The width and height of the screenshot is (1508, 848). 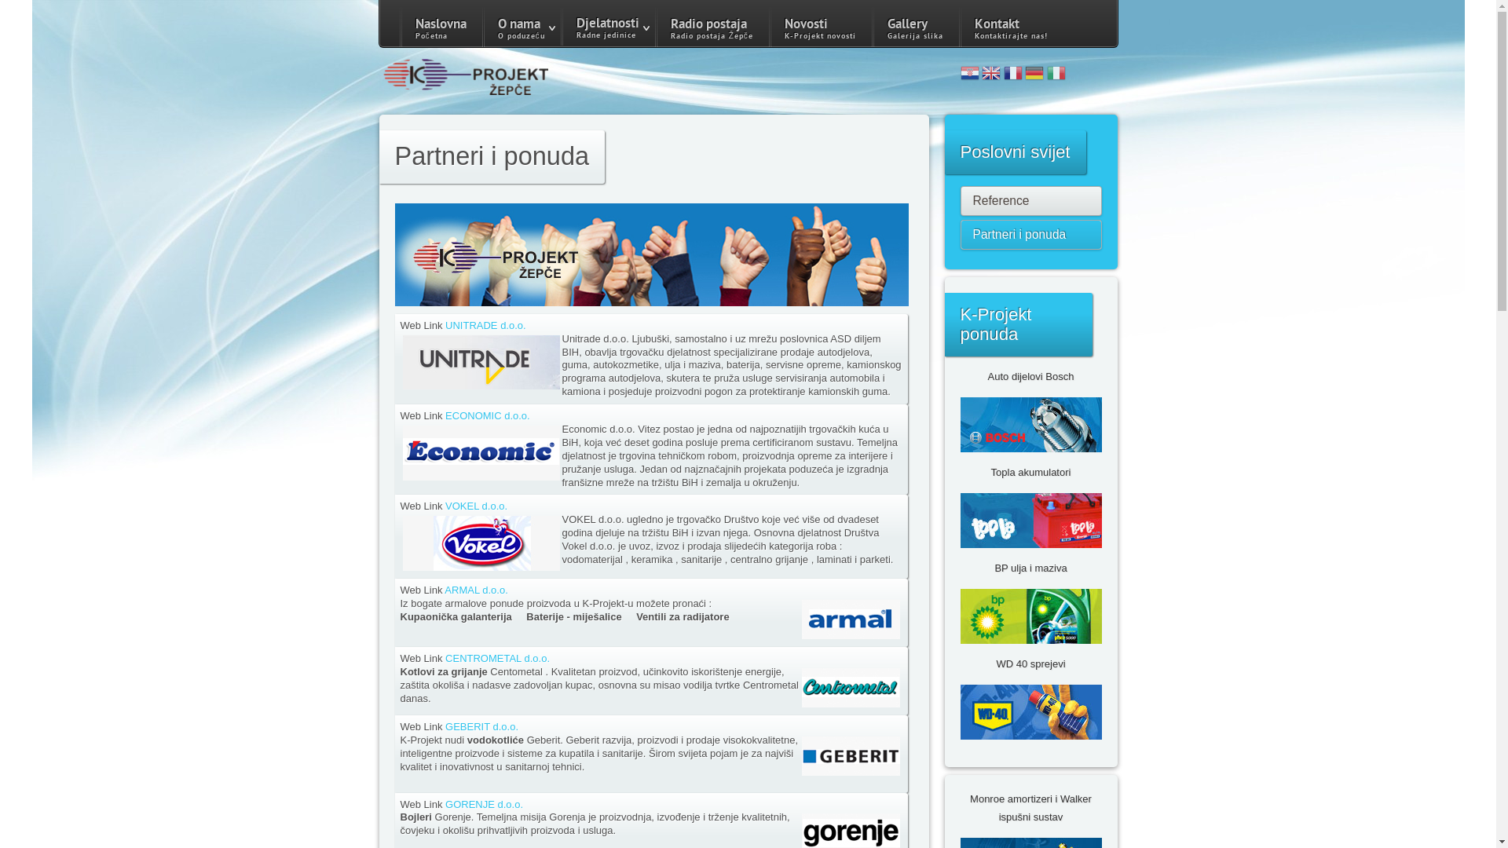 What do you see at coordinates (485, 324) in the screenshot?
I see `'UNITRADE d.o.o.'` at bounding box center [485, 324].